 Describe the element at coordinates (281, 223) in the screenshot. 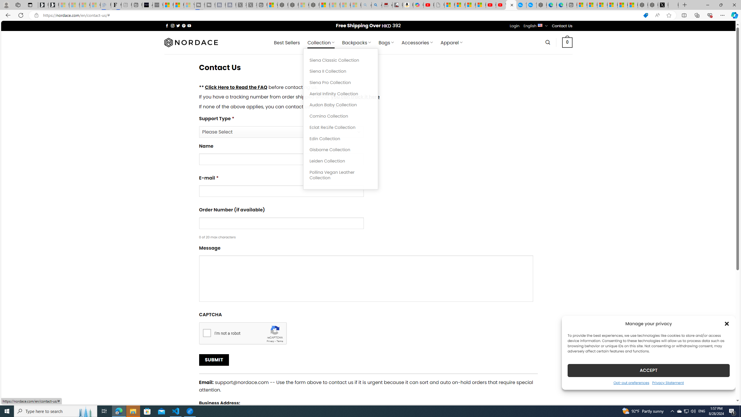

I see `'Order Number (if available)'` at that location.